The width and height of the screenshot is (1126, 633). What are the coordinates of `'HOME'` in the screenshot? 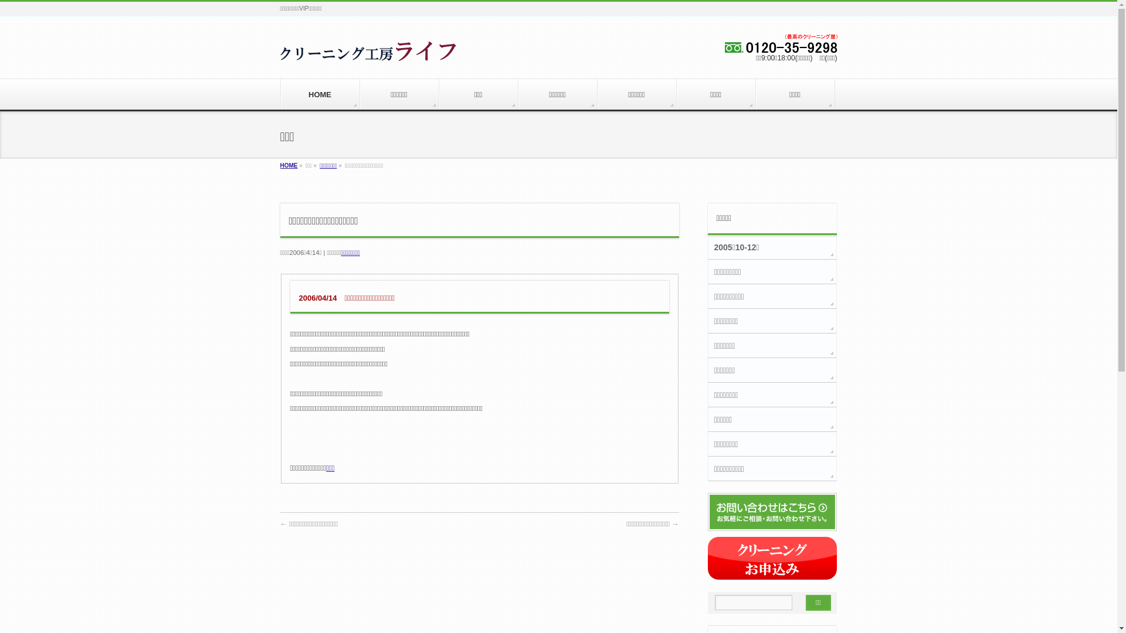 It's located at (289, 165).